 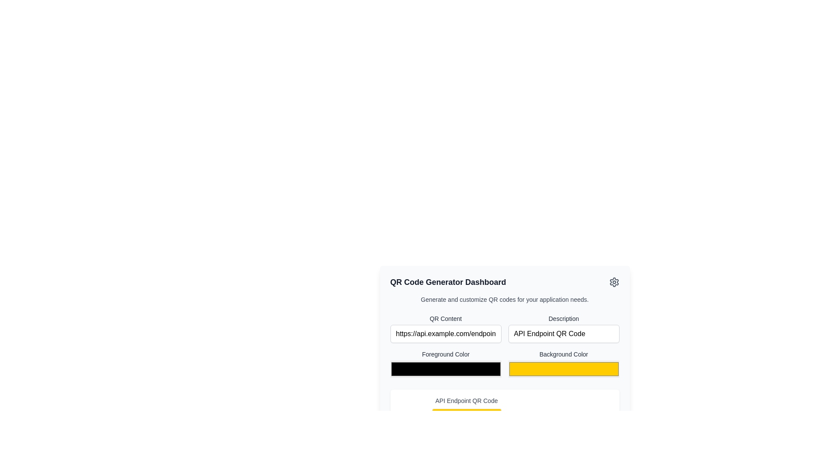 What do you see at coordinates (564, 333) in the screenshot?
I see `the text input field labeled 'API Endpoint QR Code' in the 'Description' section` at bounding box center [564, 333].